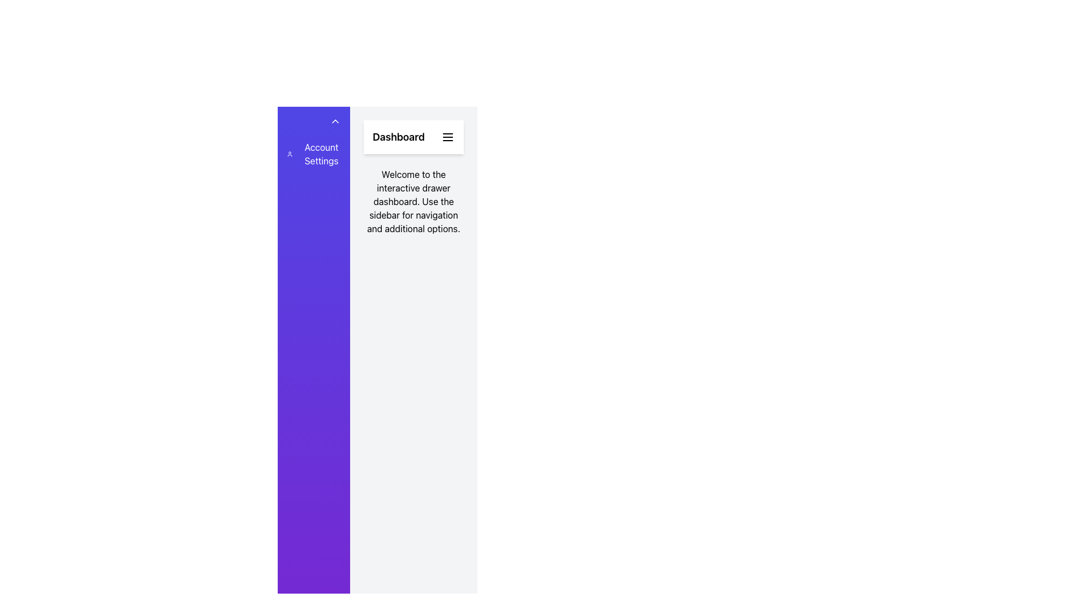 The image size is (1086, 610). What do you see at coordinates (413, 137) in the screenshot?
I see `the icon on the Header bar titled 'Dashboard'` at bounding box center [413, 137].